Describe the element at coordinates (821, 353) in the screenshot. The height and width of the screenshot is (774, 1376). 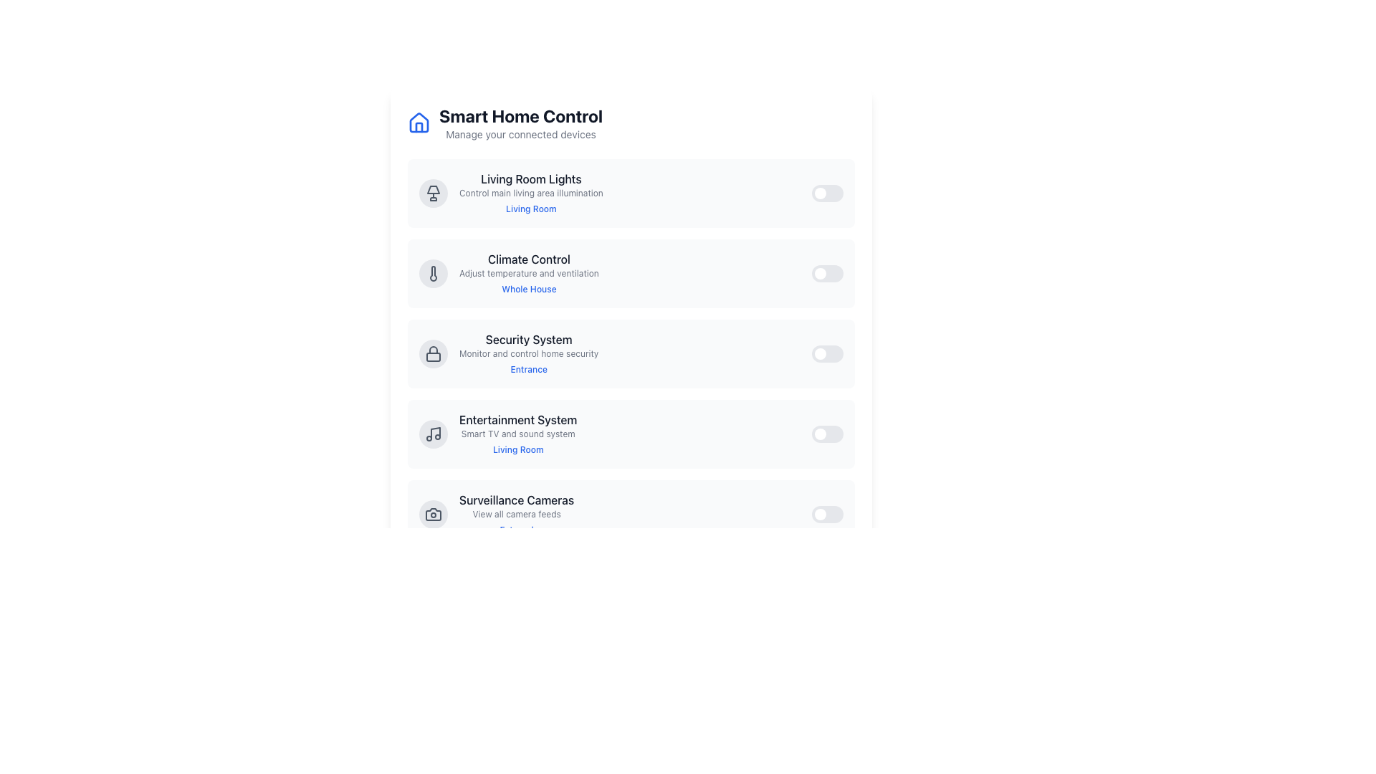
I see `the toggle switch handle` at that location.